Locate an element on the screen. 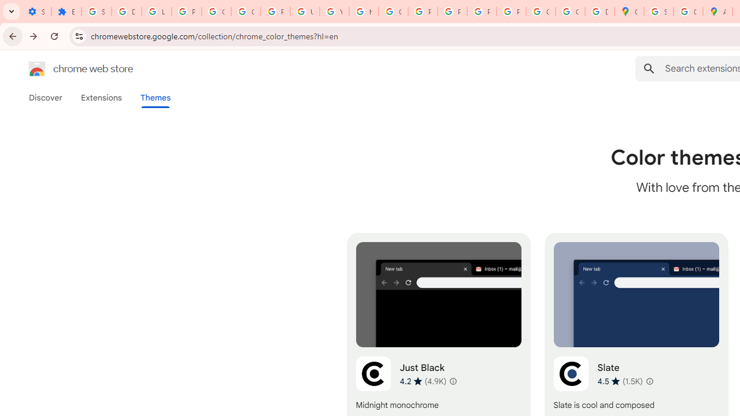 The width and height of the screenshot is (740, 416). 'Sign in - Google Accounts' is located at coordinates (658, 12).